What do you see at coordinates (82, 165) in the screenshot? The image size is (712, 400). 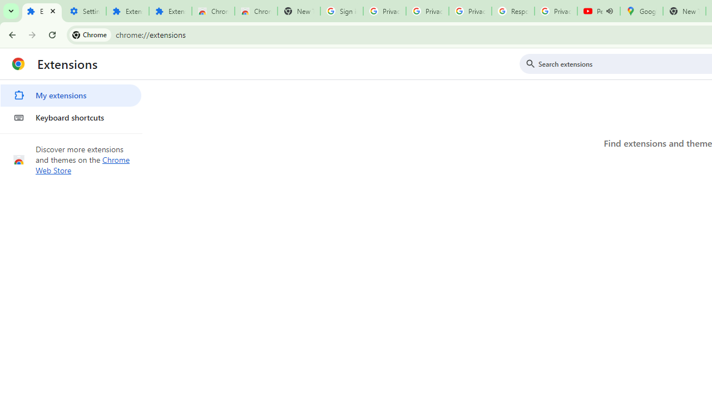 I see `'Chrome Web Store'` at bounding box center [82, 165].